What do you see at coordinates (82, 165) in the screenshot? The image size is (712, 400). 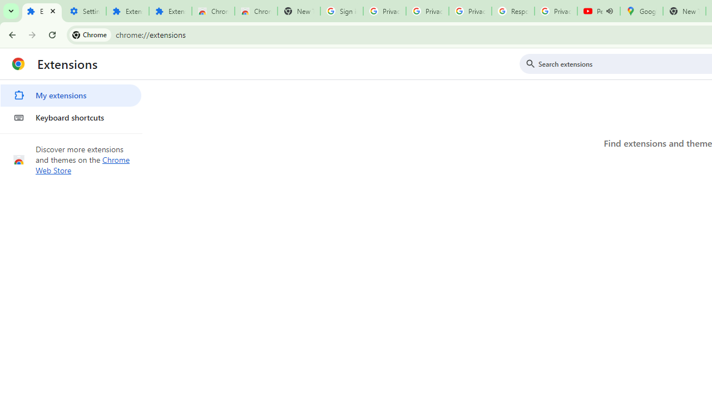 I see `'Chrome Web Store'` at bounding box center [82, 165].